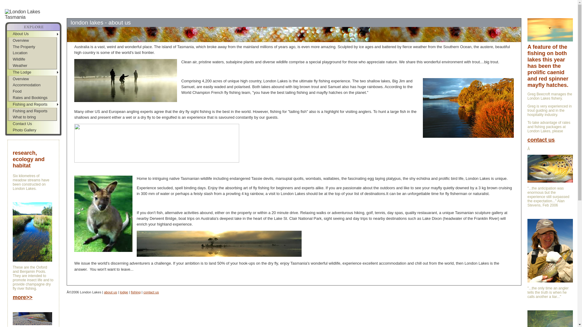 Image resolution: width=582 pixels, height=327 pixels. Describe the element at coordinates (32, 59) in the screenshot. I see `'Wildlife'` at that location.